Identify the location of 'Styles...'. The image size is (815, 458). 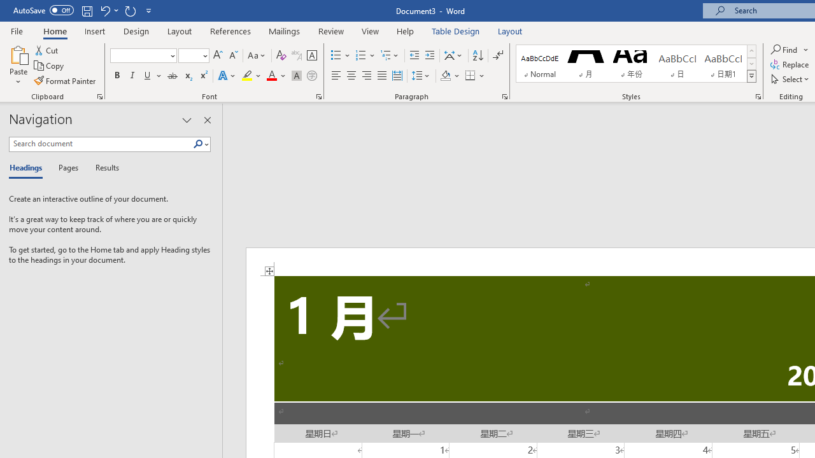
(758, 95).